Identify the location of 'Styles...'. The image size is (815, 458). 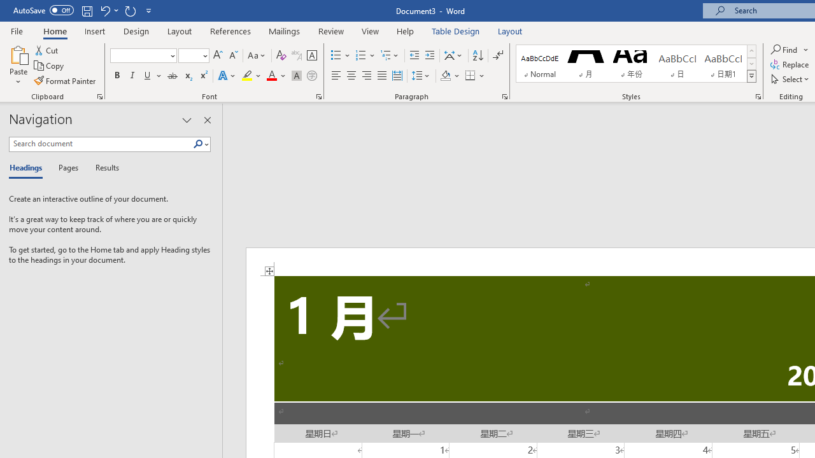
(758, 95).